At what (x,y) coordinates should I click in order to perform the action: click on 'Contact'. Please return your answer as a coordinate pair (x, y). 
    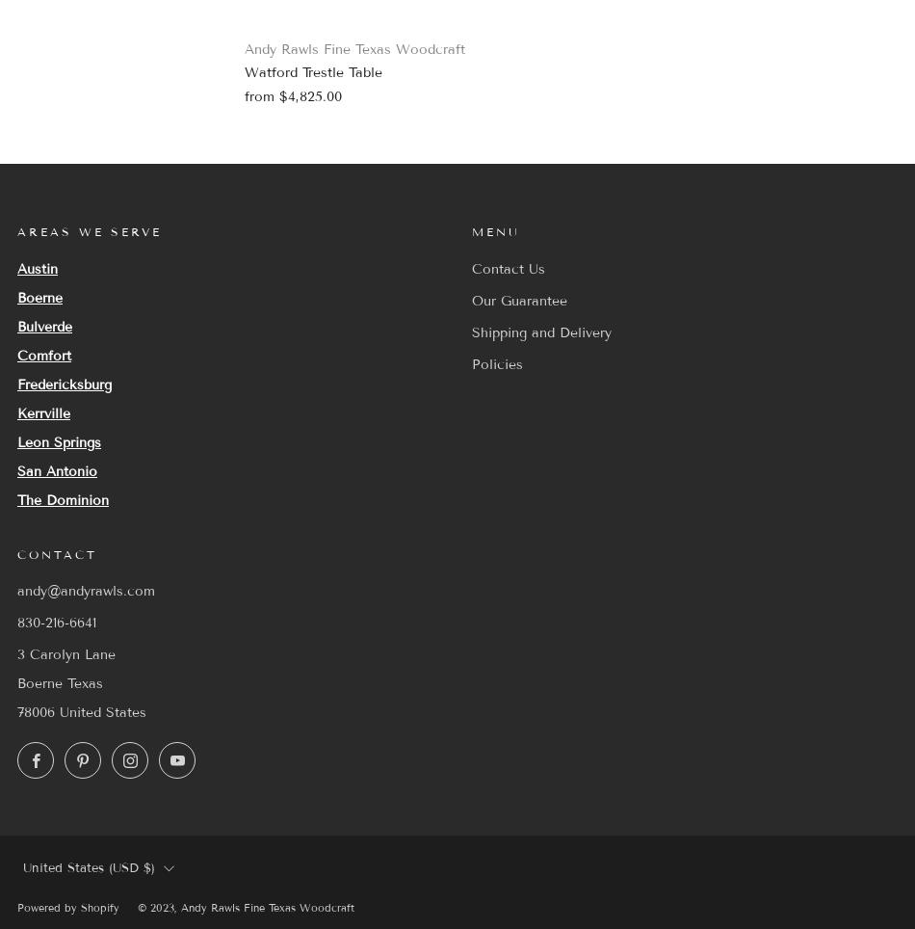
    Looking at the image, I should click on (57, 552).